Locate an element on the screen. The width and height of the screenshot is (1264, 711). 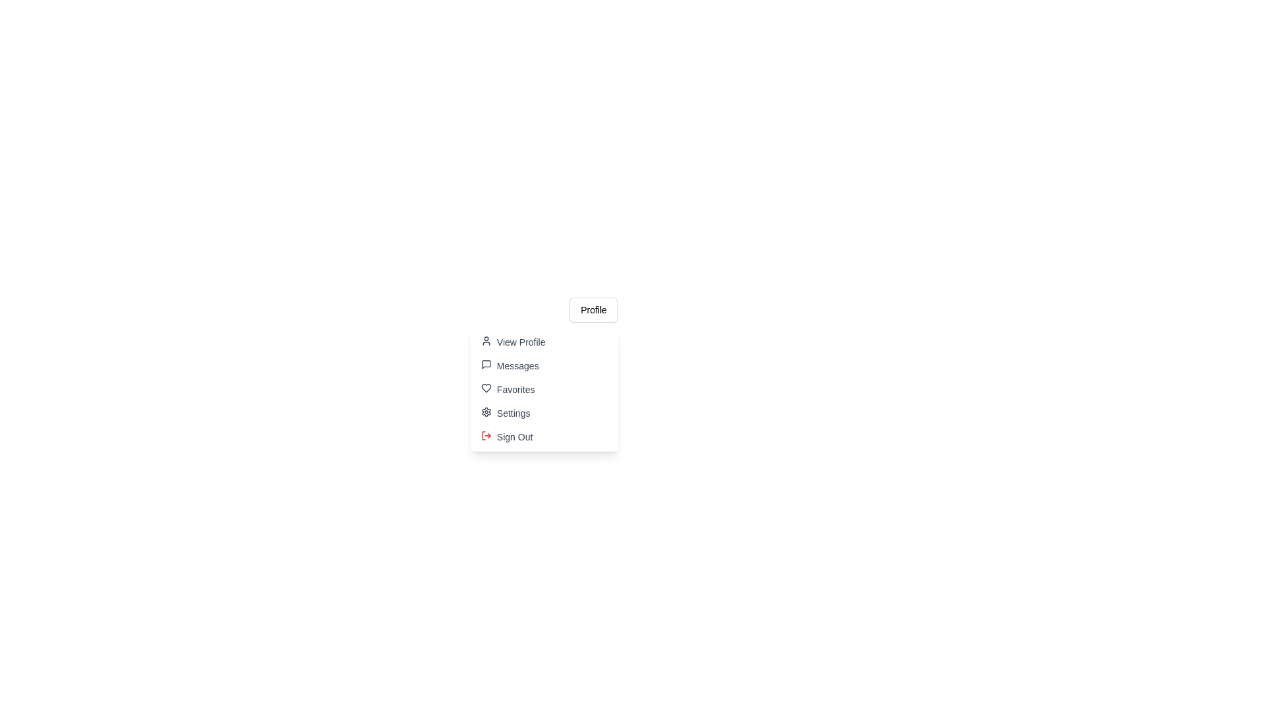
the 'Favorites' option in the dropdown menu located below the 'Profile' button, which is the third item in the list is located at coordinates (544, 388).